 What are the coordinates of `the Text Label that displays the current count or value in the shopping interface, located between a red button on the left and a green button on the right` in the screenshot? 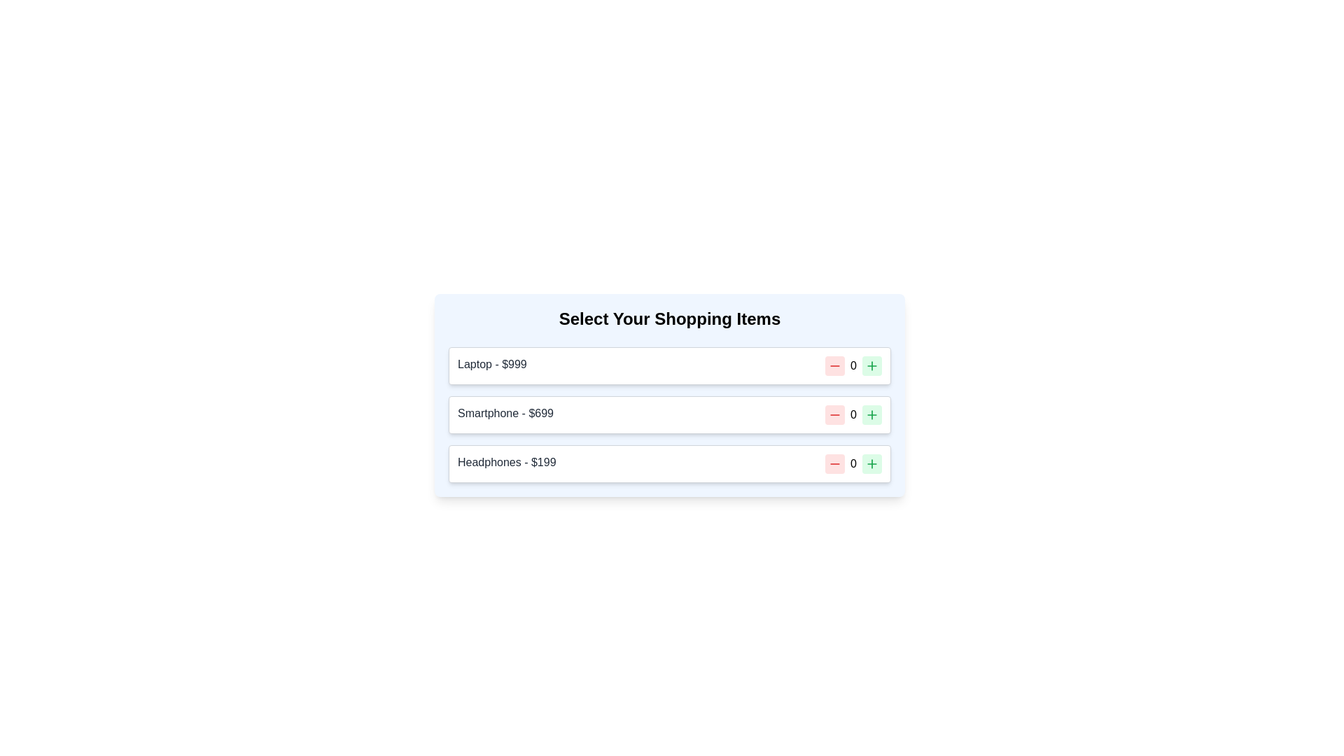 It's located at (853, 365).